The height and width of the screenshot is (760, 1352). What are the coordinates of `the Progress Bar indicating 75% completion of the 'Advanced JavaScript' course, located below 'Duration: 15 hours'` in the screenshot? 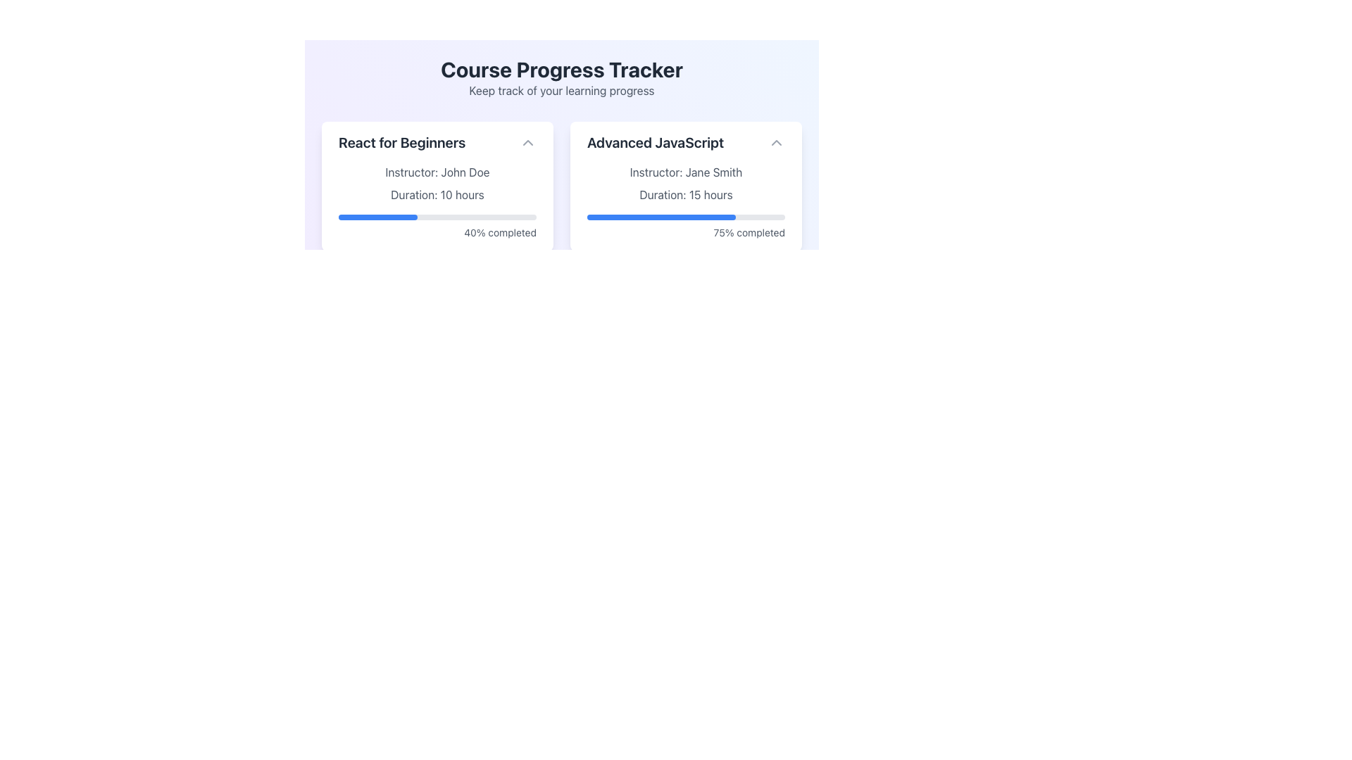 It's located at (661, 217).